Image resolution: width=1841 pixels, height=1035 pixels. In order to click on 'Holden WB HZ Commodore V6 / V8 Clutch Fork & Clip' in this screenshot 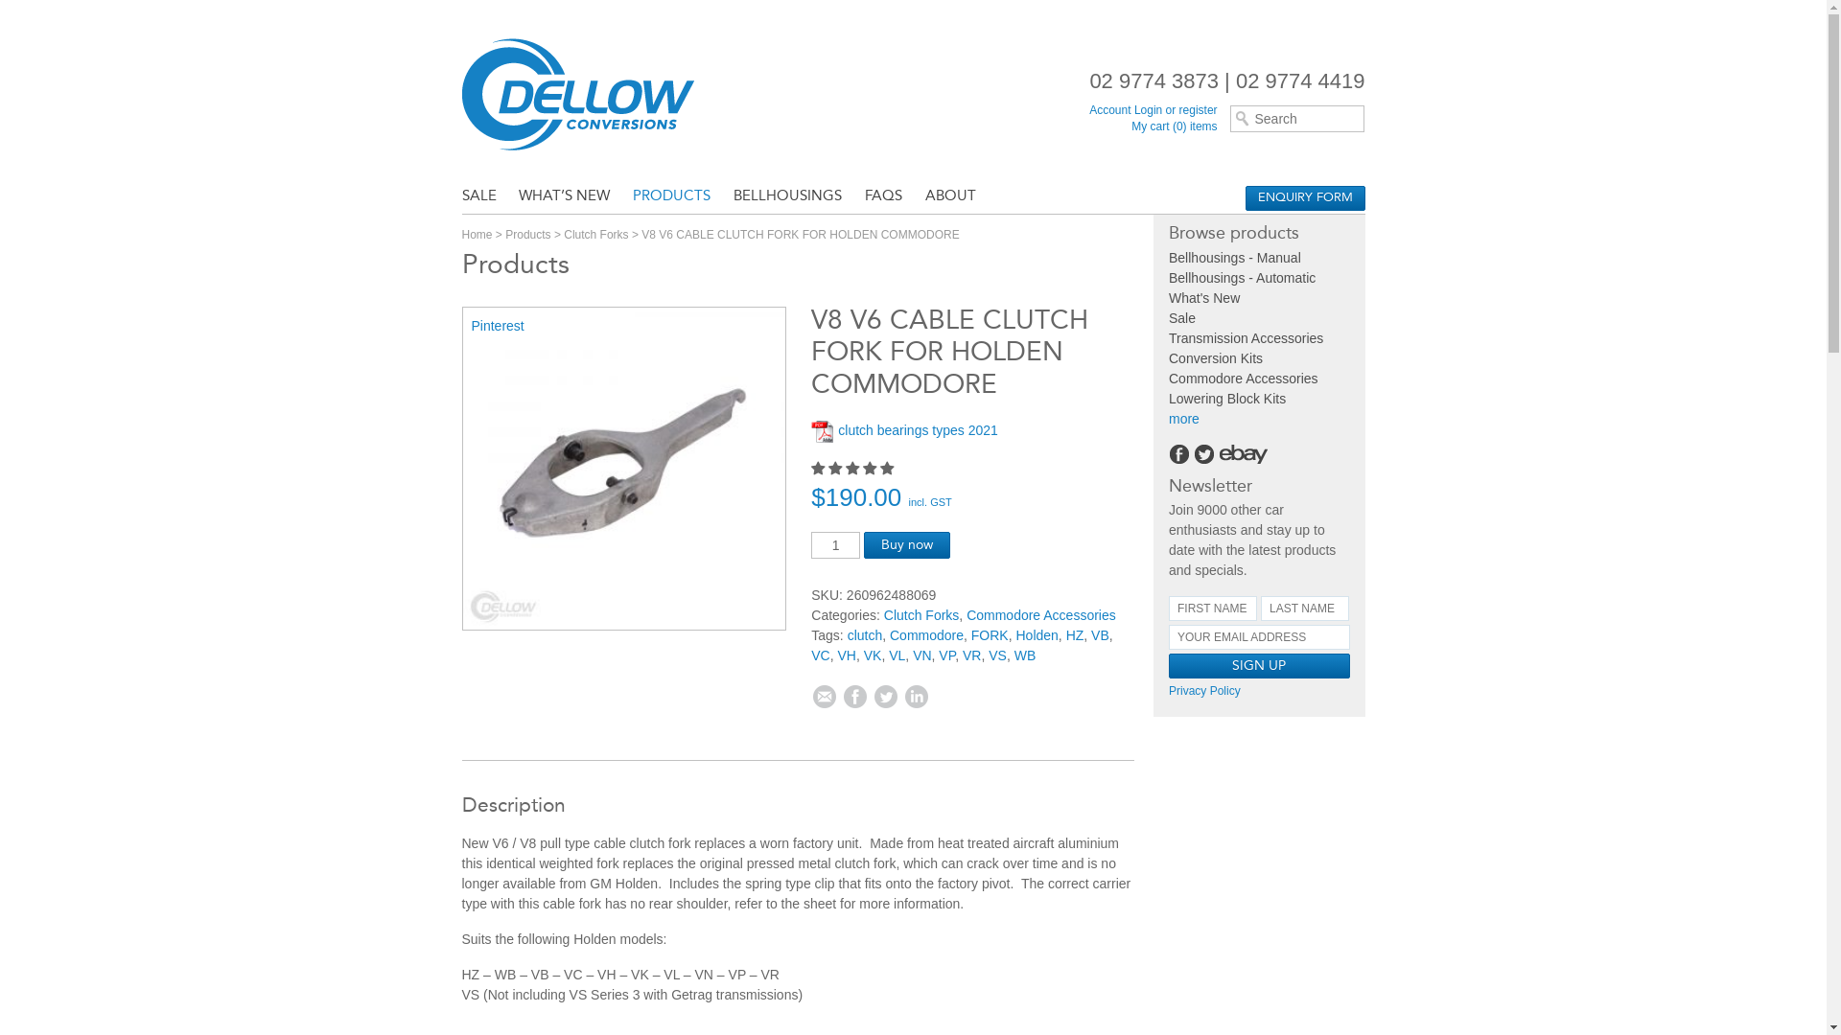, I will do `click(624, 469)`.